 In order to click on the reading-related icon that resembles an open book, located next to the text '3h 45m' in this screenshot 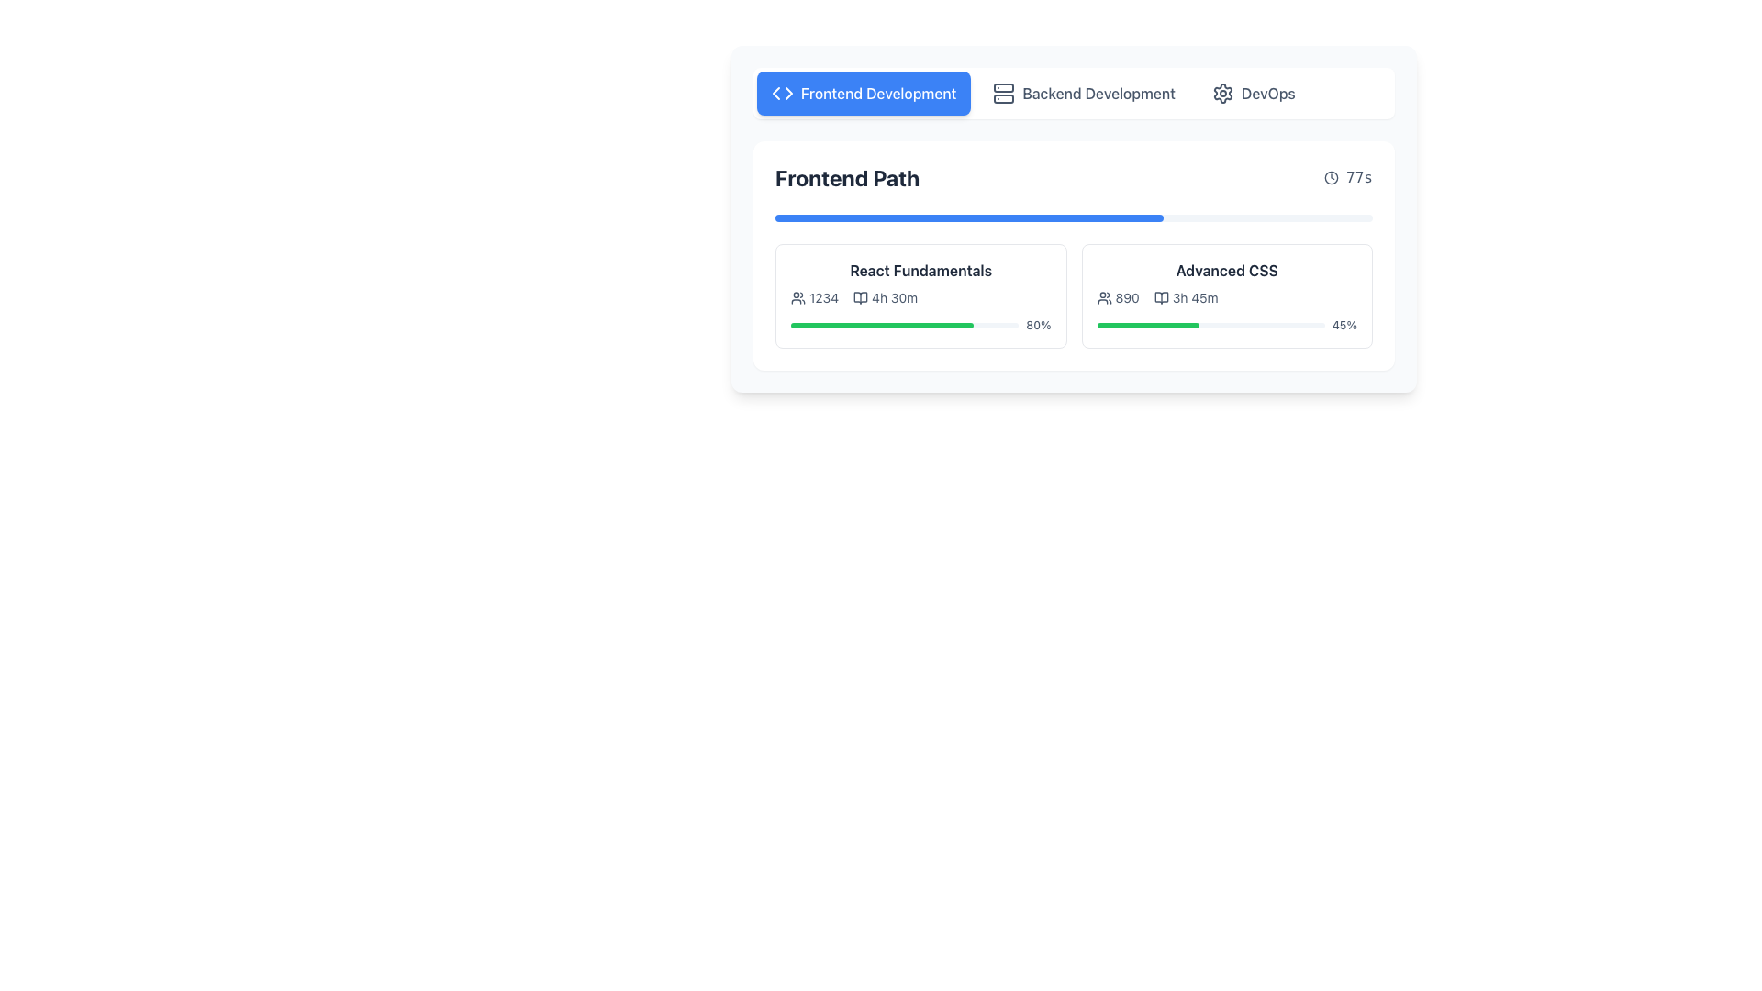, I will do `click(1160, 296)`.